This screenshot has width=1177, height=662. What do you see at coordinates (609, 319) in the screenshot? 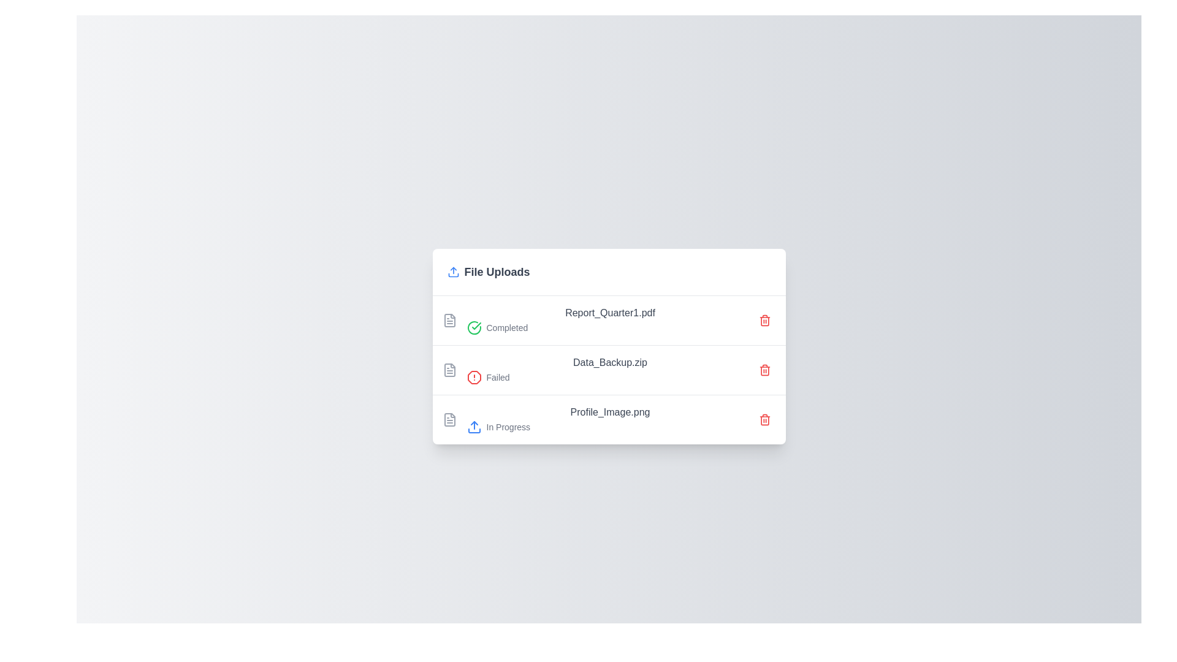
I see `the file status of the List Item containing 'Report_Quarter1.pdf'` at bounding box center [609, 319].